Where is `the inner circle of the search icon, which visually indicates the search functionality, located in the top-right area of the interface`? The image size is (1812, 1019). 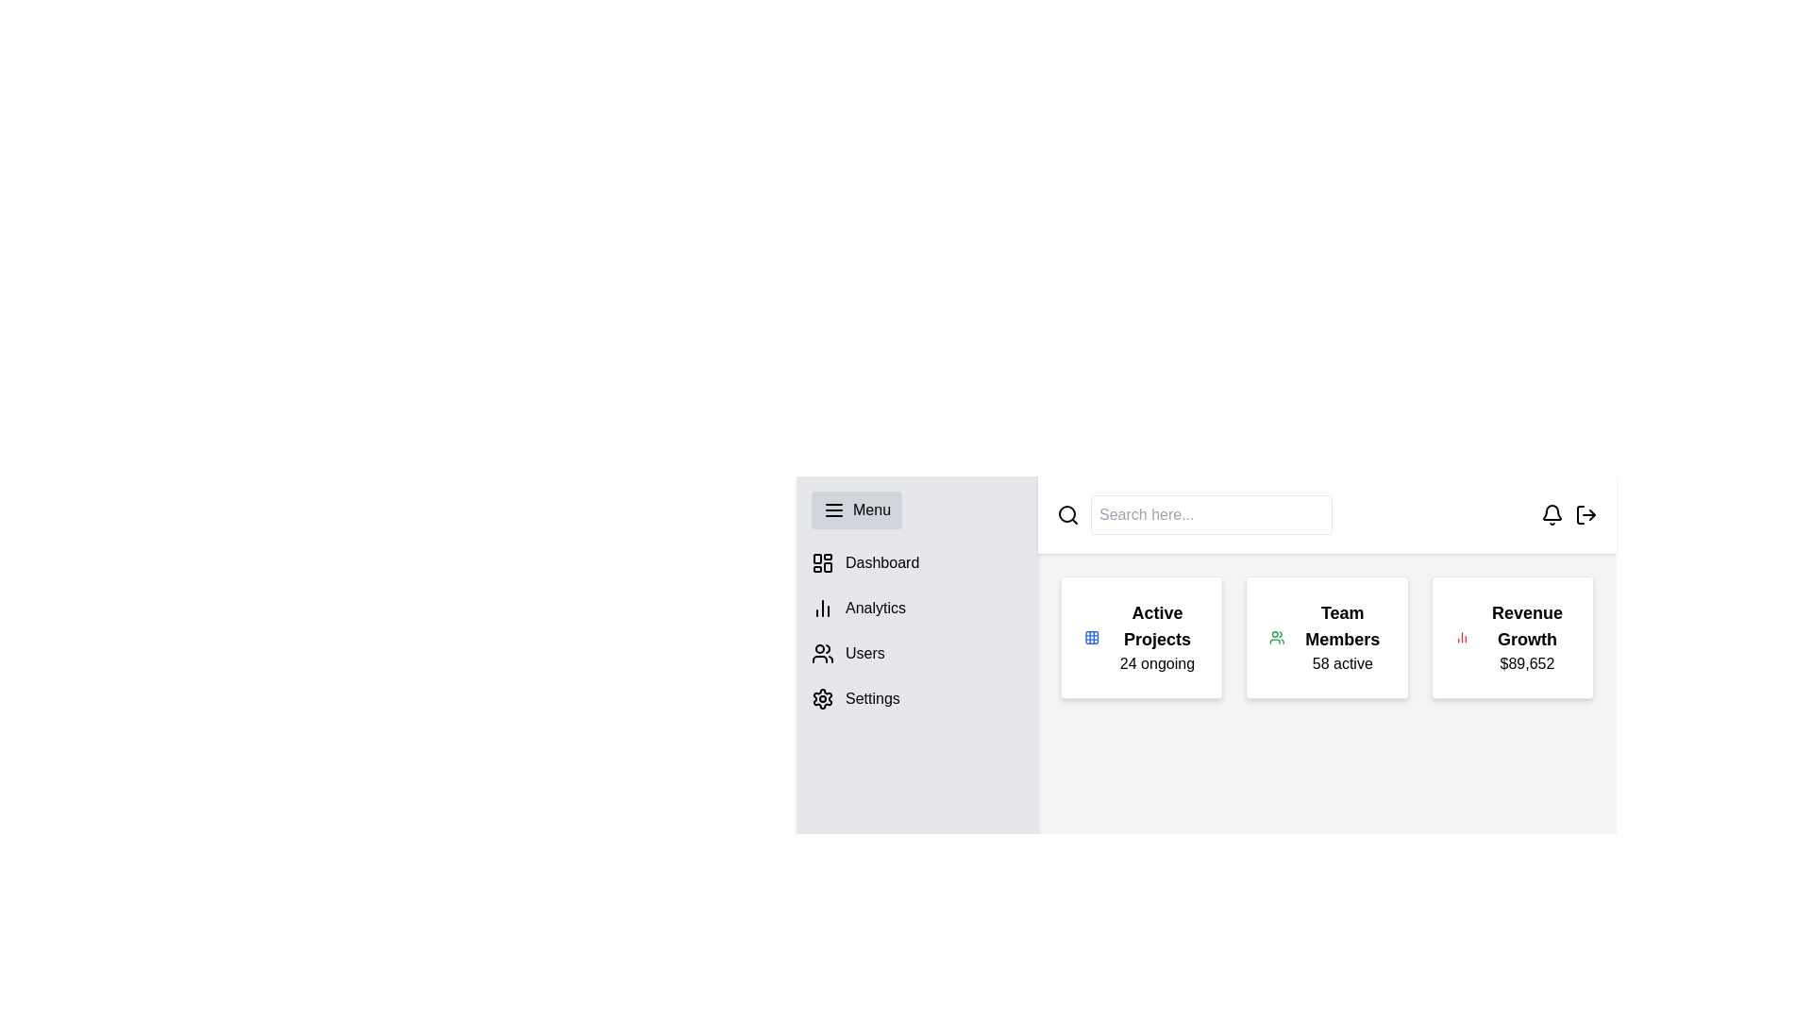
the inner circle of the search icon, which visually indicates the search functionality, located in the top-right area of the interface is located at coordinates (1067, 513).